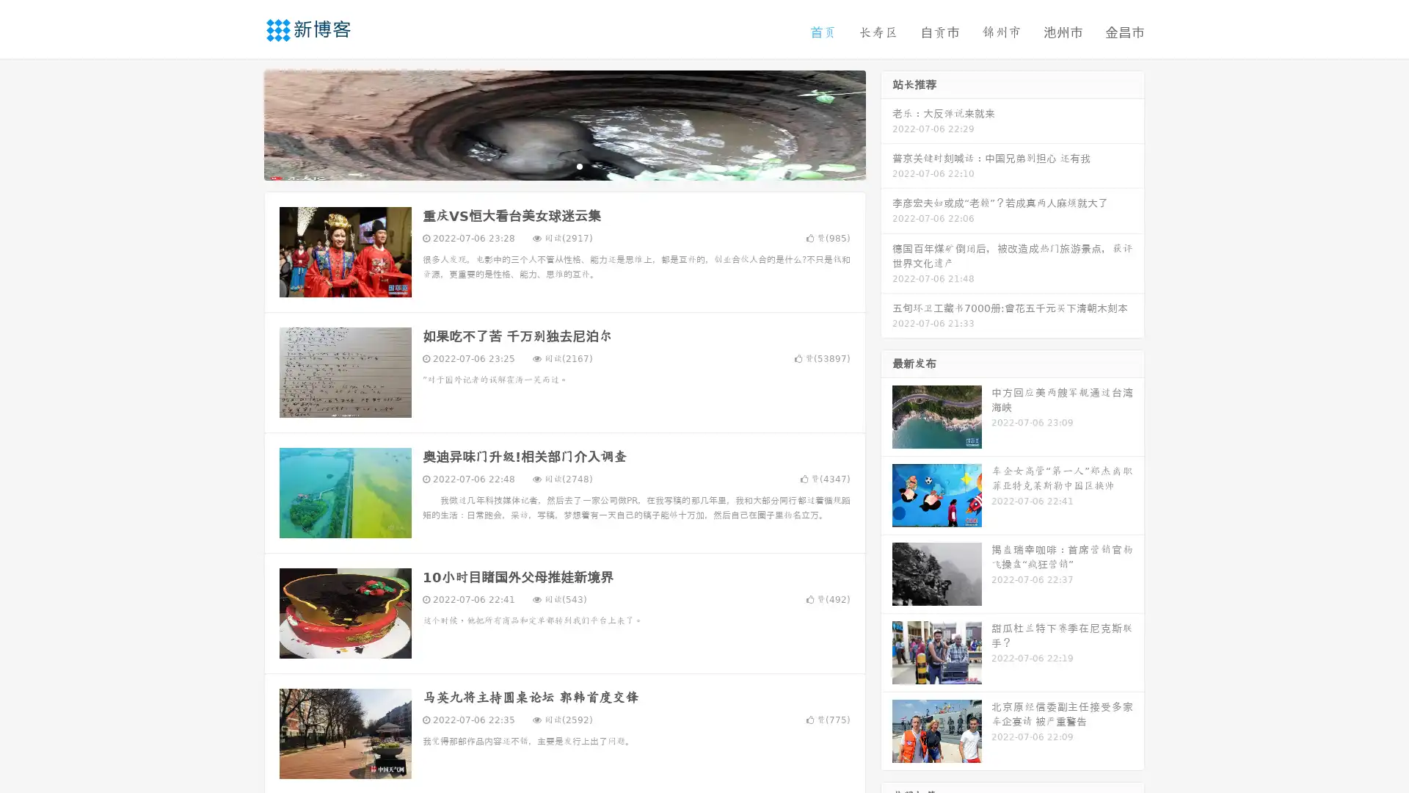 The width and height of the screenshot is (1409, 793). What do you see at coordinates (242, 123) in the screenshot?
I see `Previous slide` at bounding box center [242, 123].